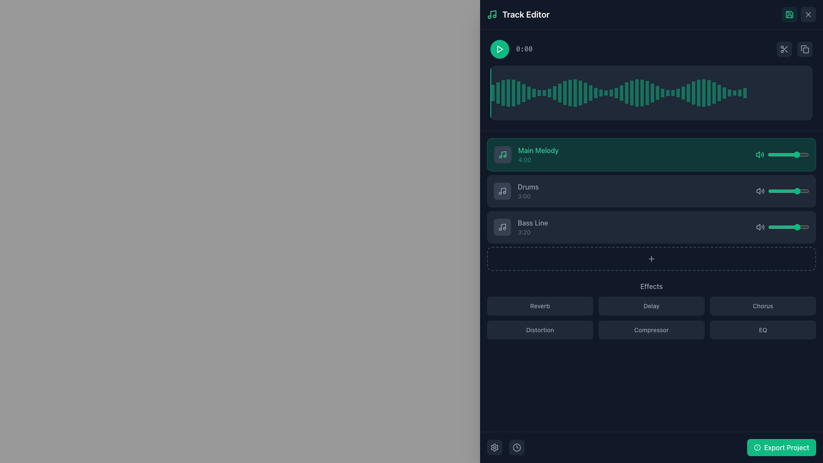 Image resolution: width=823 pixels, height=463 pixels. Describe the element at coordinates (631, 93) in the screenshot. I see `the 29th vertical waveform bar with a transparent emerald green background in the Track Editor section` at that location.